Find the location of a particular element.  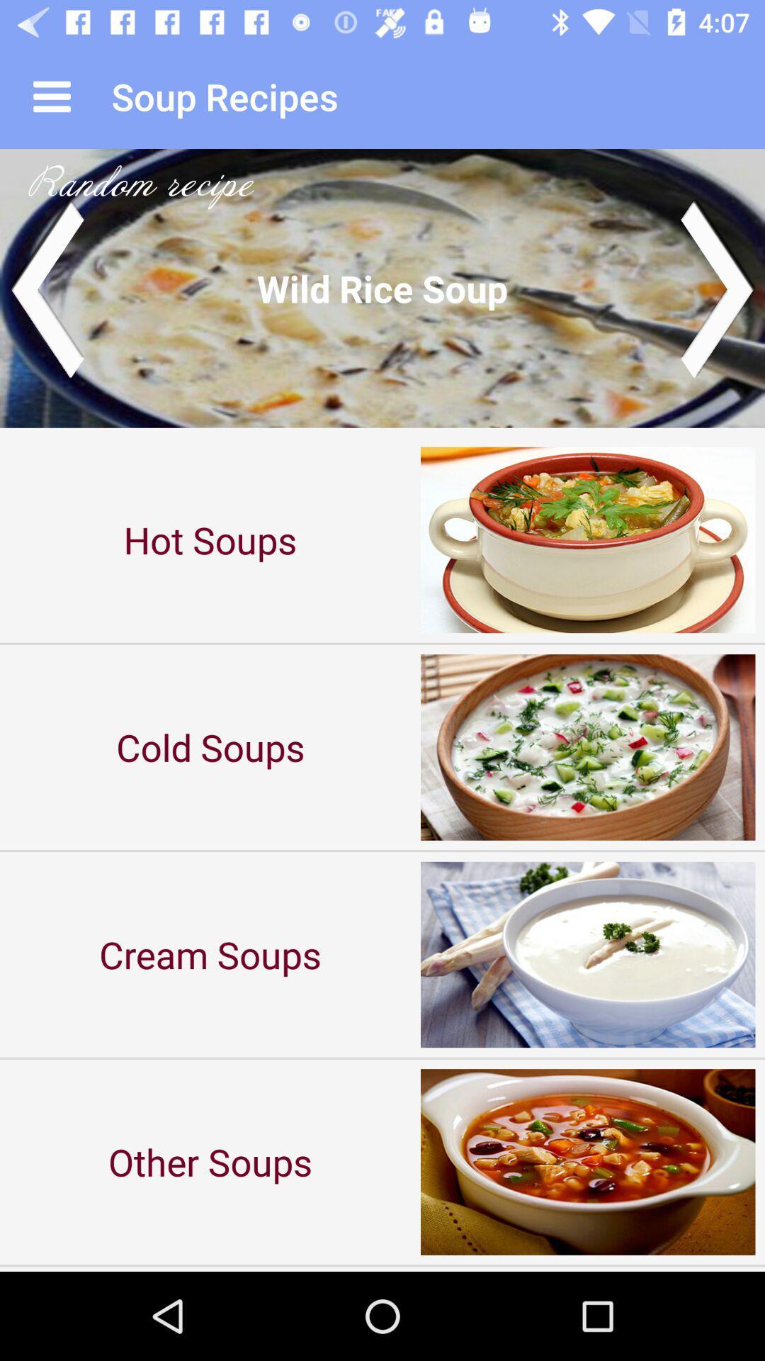

app to the left of soup recipes item is located at coordinates (51, 96).